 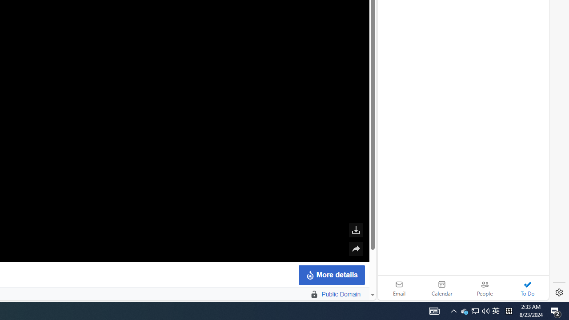 What do you see at coordinates (527, 288) in the screenshot?
I see `'To Do'` at bounding box center [527, 288].